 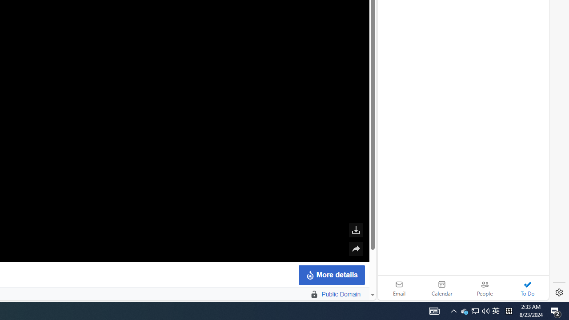 What do you see at coordinates (527, 288) in the screenshot?
I see `'To Do'` at bounding box center [527, 288].